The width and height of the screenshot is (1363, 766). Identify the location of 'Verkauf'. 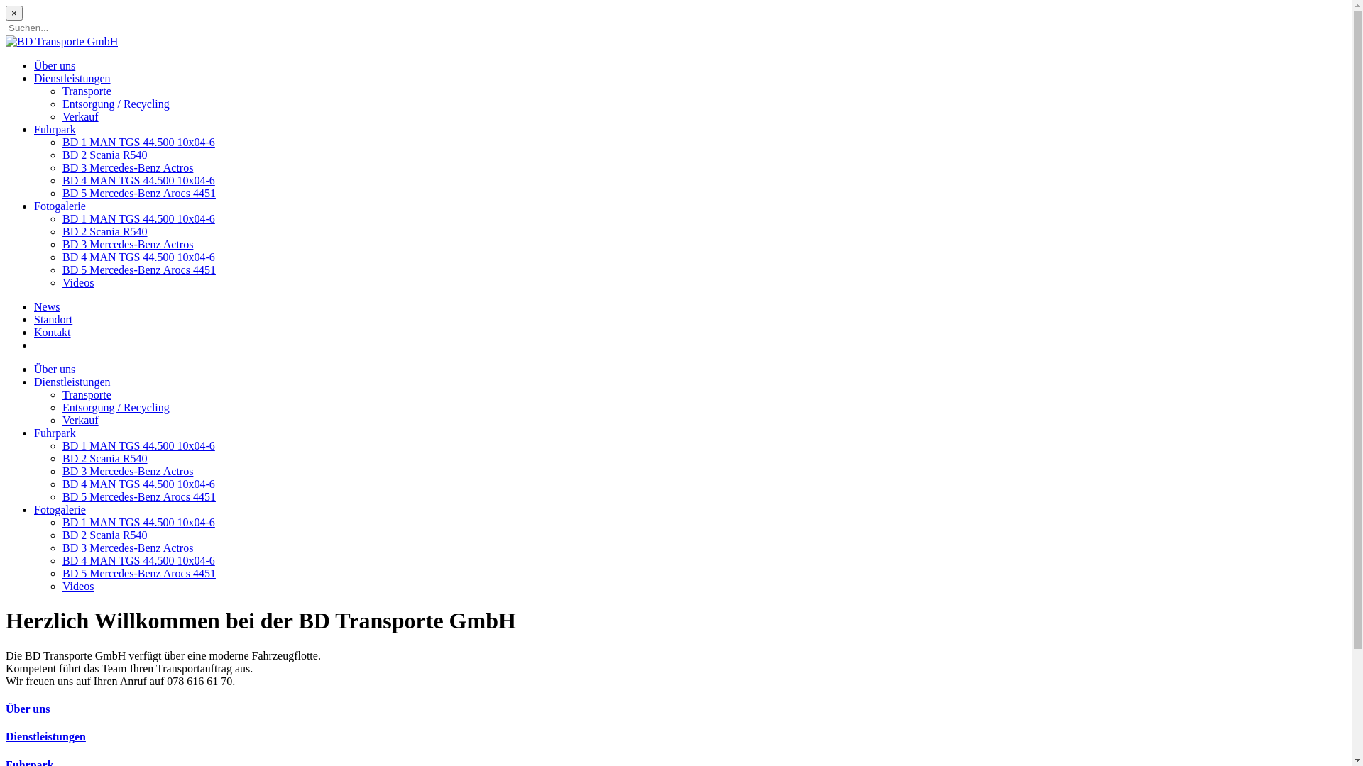
(80, 419).